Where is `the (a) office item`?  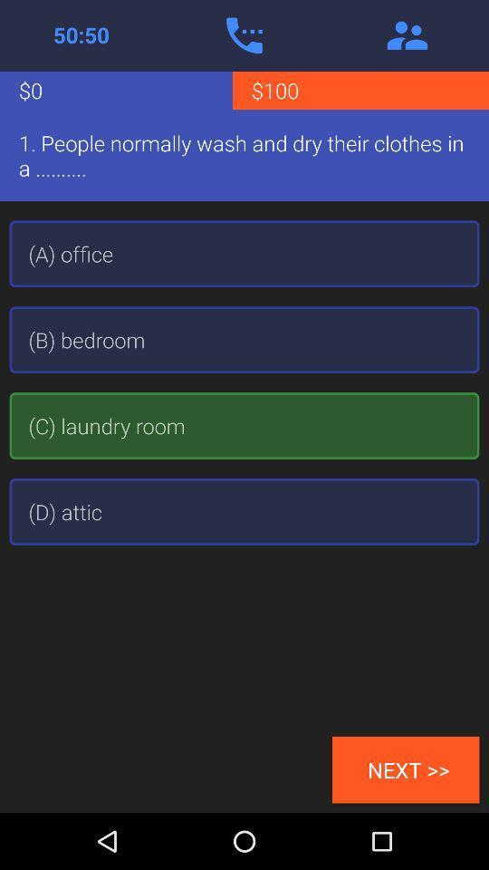
the (a) office item is located at coordinates (244, 253).